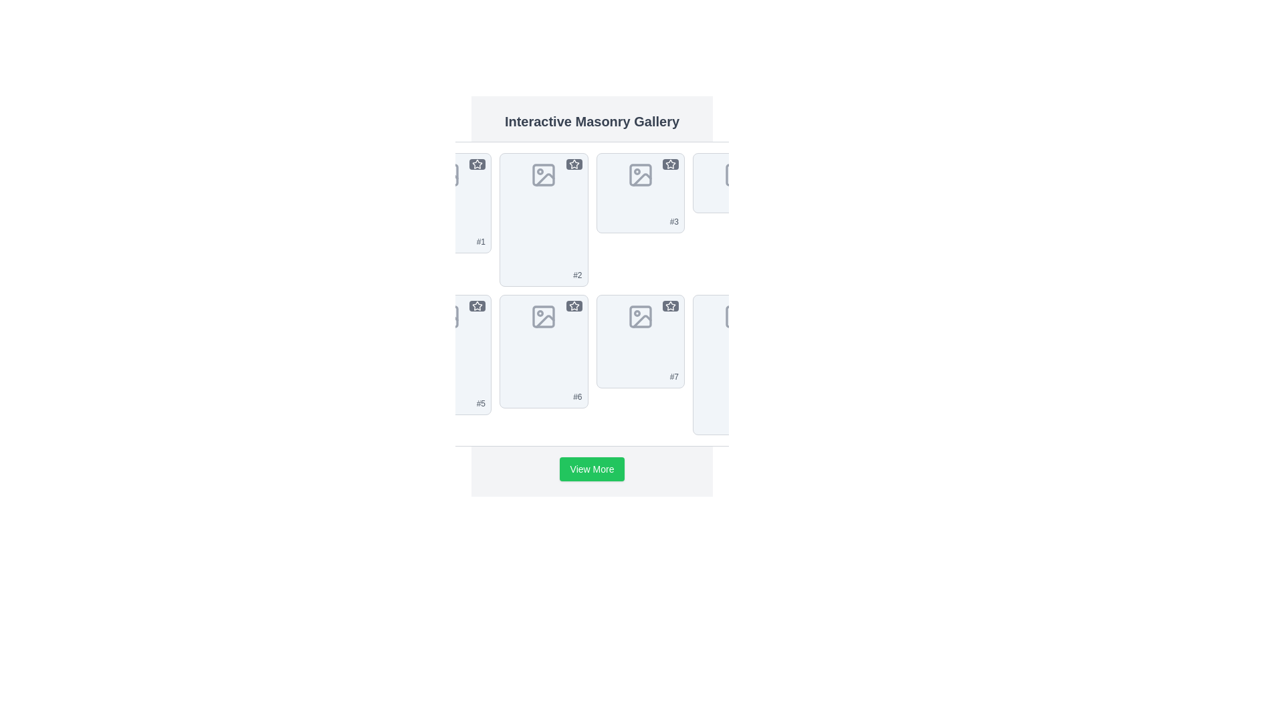 Image resolution: width=1284 pixels, height=722 pixels. What do you see at coordinates (477, 306) in the screenshot?
I see `the star icon in the top-right corner of card '#5'` at bounding box center [477, 306].